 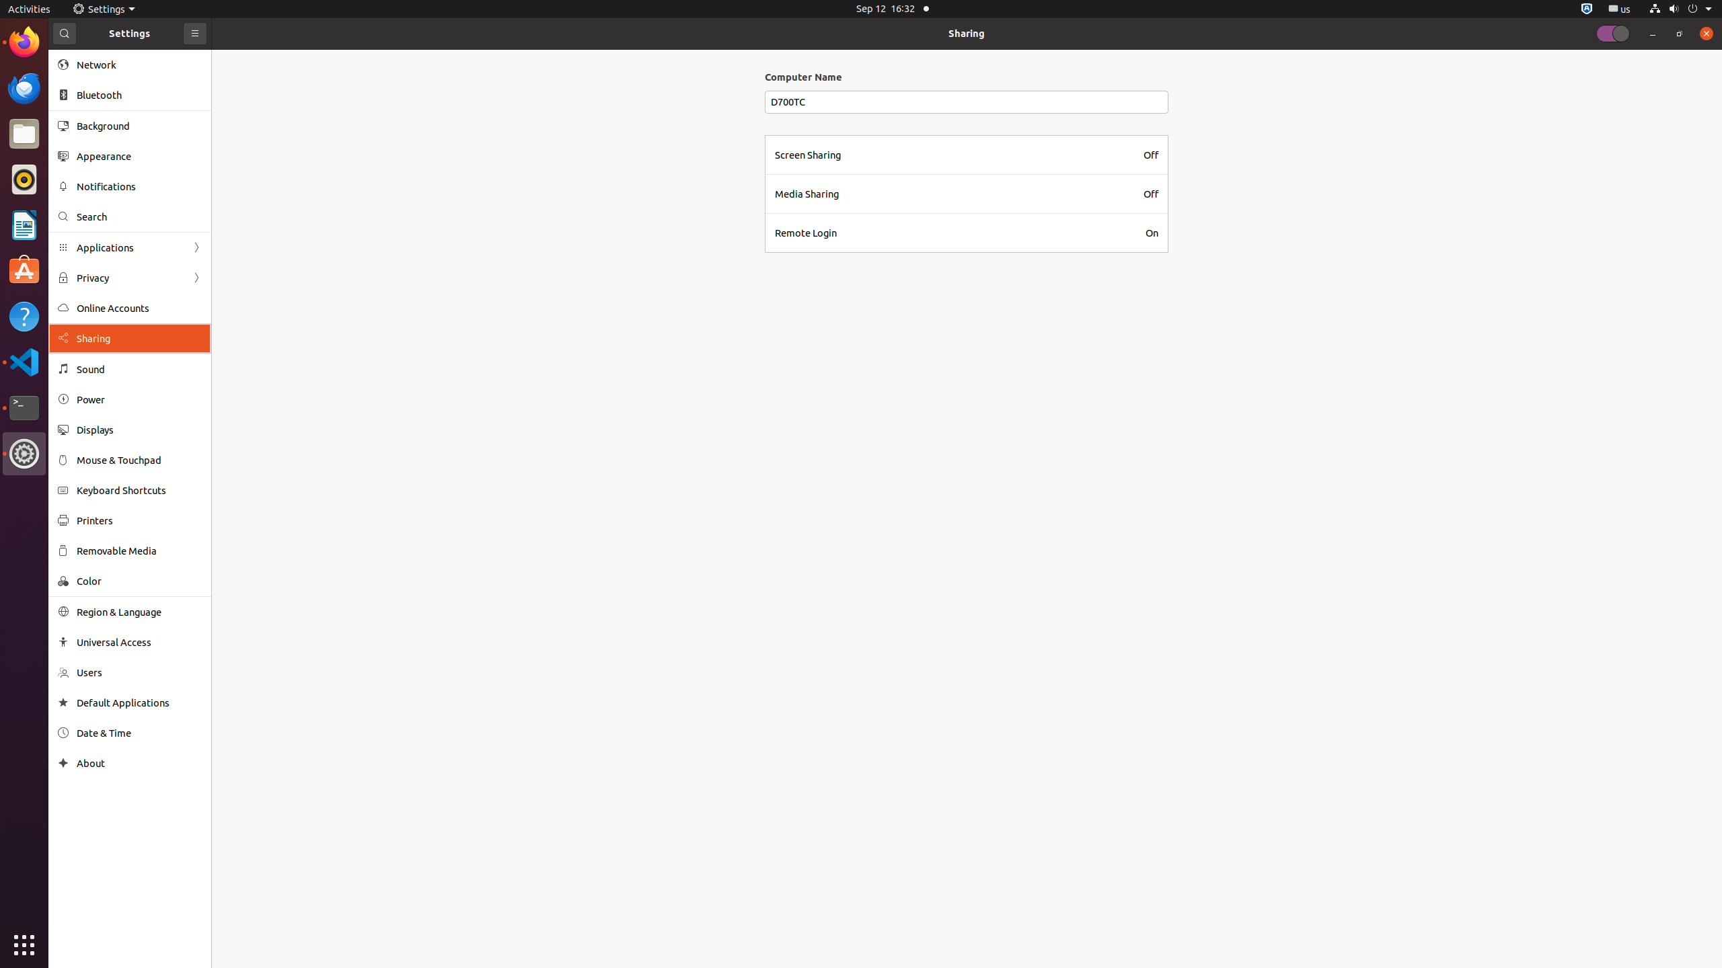 I want to click on 'Bluetooth', so click(x=139, y=95).